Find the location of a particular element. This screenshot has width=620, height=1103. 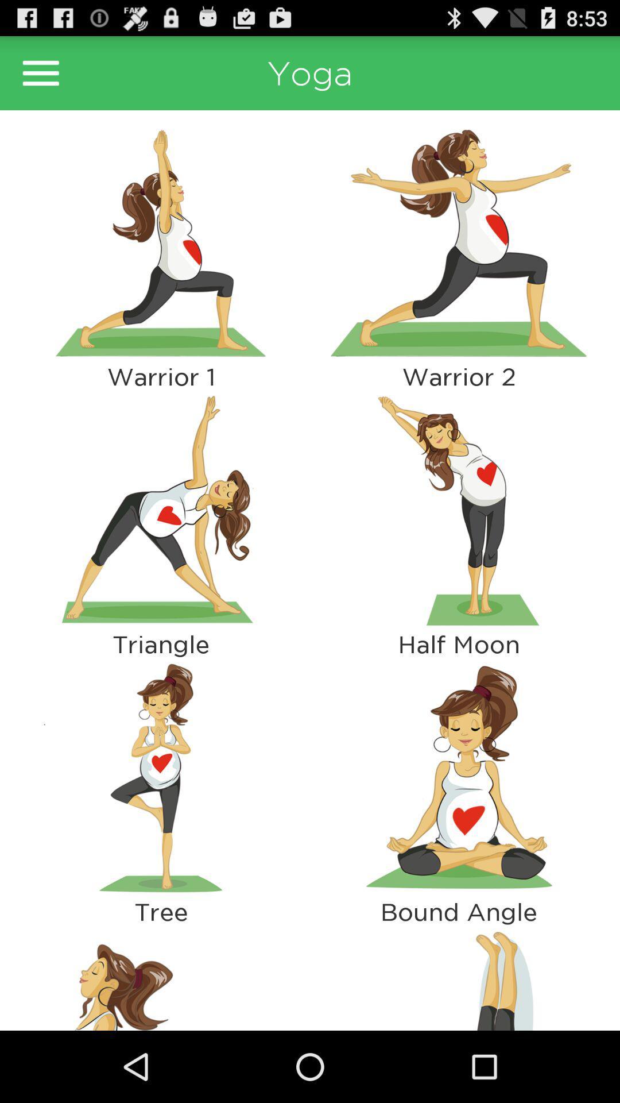

the warrior 1 icon is located at coordinates (161, 376).